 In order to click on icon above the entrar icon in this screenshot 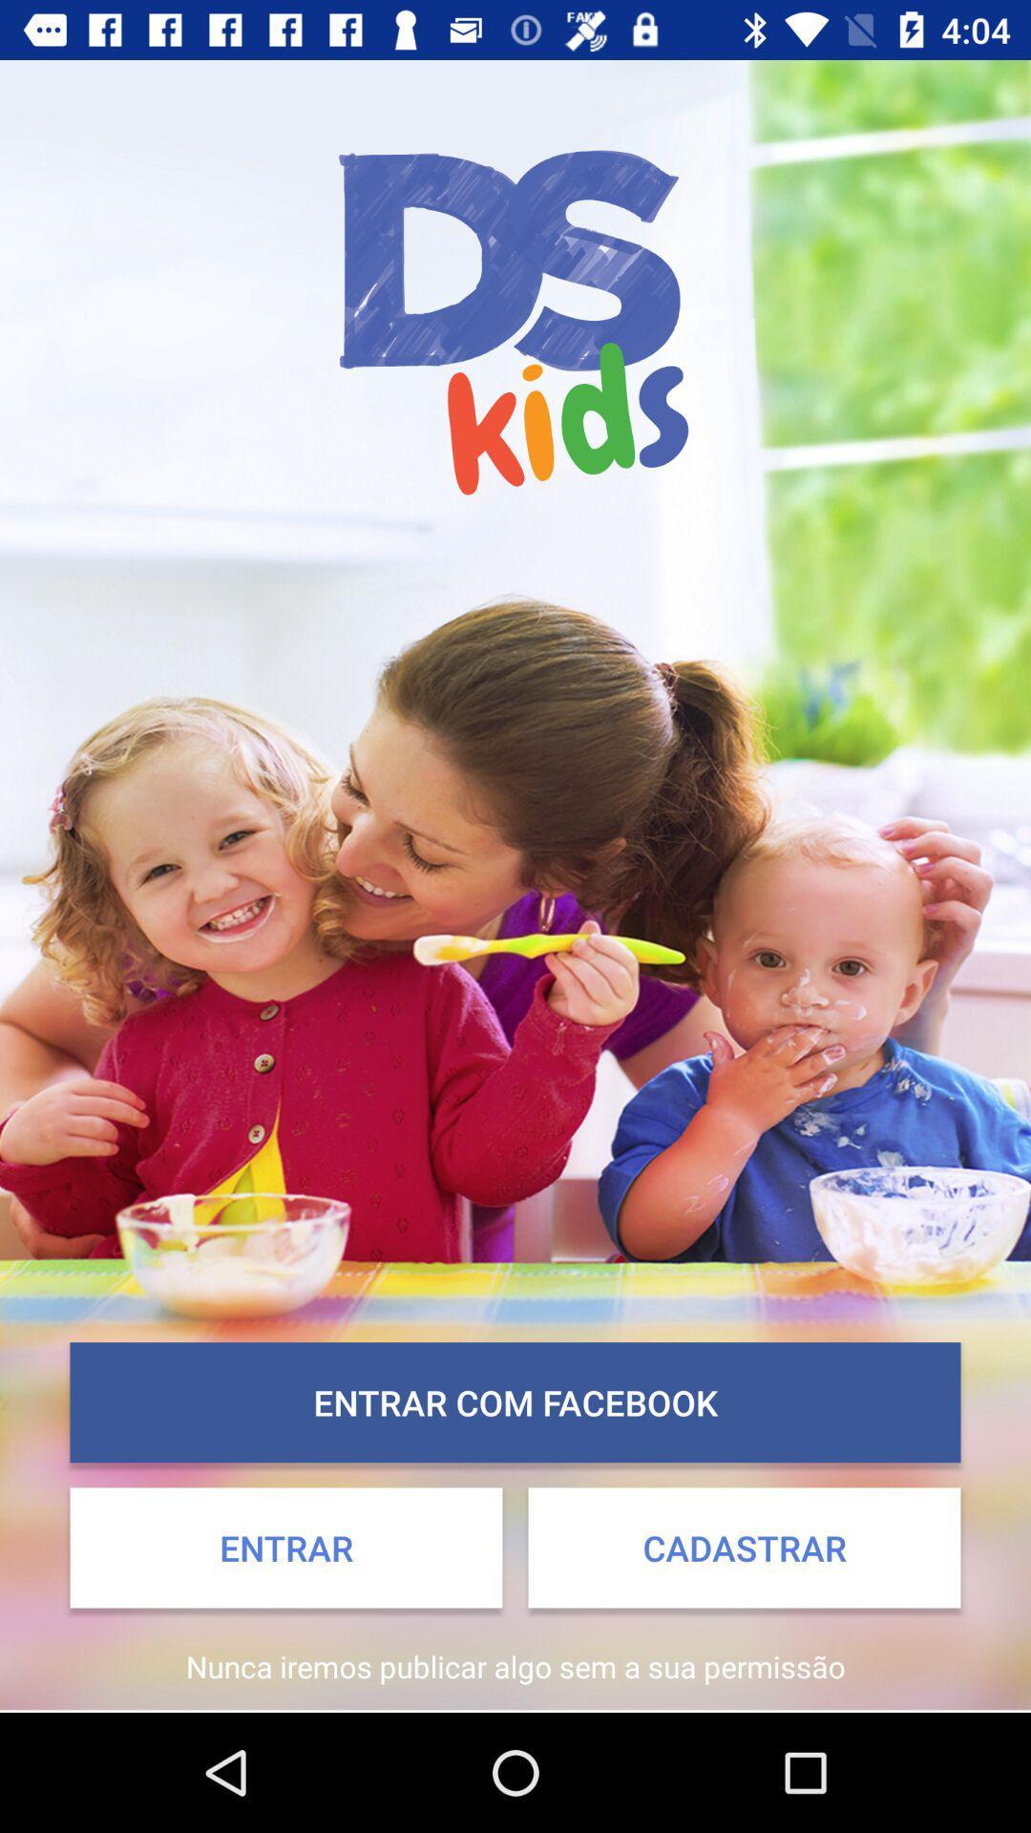, I will do `click(515, 1402)`.